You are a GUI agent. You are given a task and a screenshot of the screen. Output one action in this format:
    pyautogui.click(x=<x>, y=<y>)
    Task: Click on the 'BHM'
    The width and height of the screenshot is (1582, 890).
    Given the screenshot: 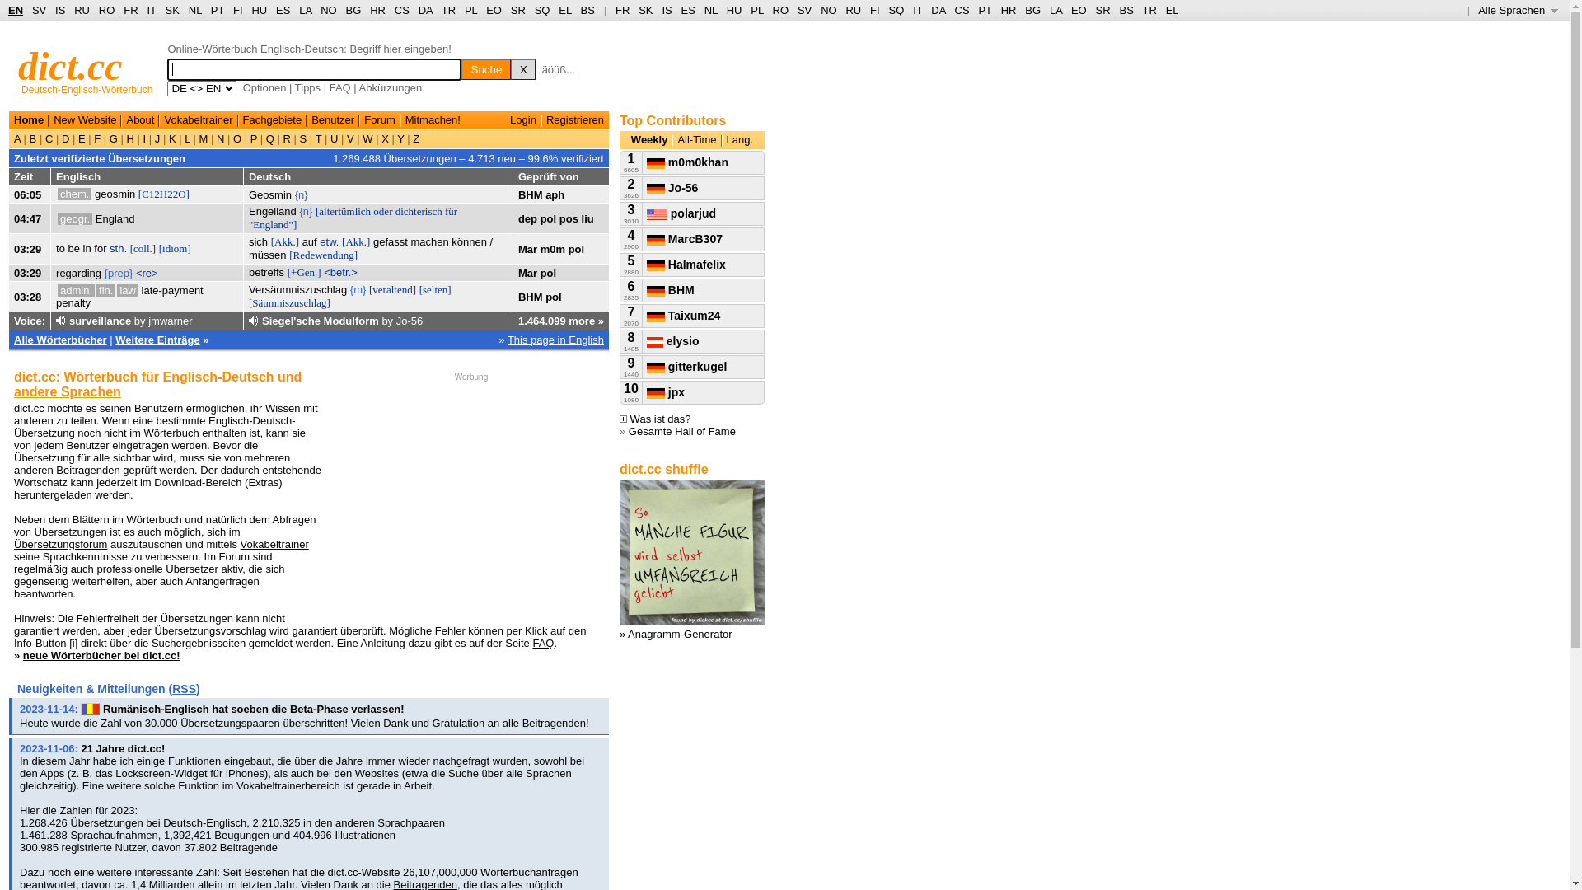 What is the action you would take?
    pyautogui.click(x=530, y=295)
    